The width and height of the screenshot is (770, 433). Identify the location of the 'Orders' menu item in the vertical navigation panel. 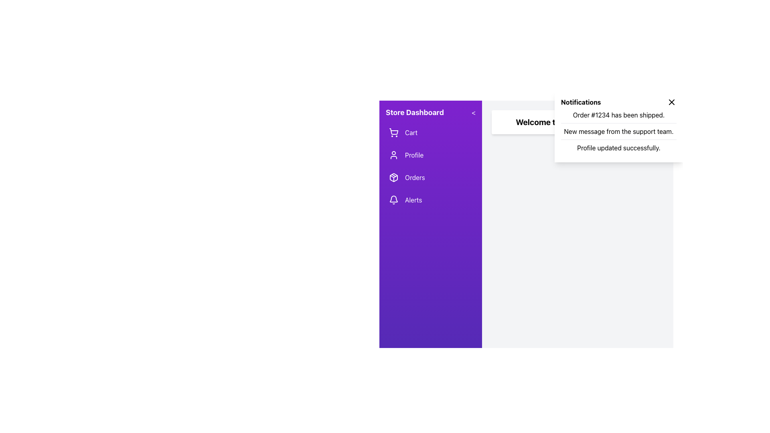
(430, 177).